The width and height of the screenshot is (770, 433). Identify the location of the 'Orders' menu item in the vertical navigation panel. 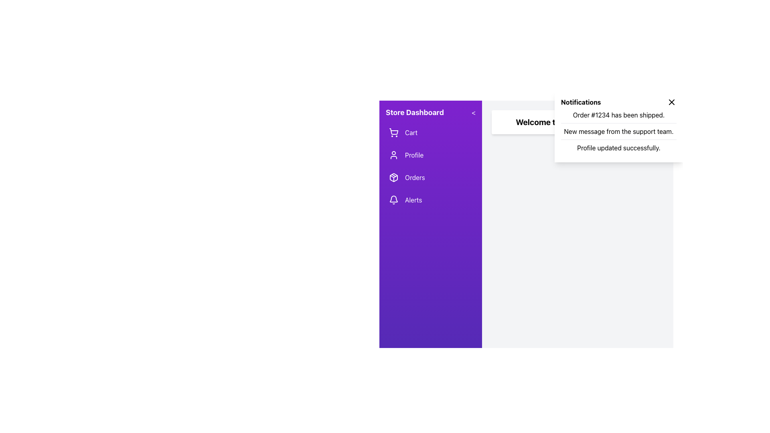
(430, 177).